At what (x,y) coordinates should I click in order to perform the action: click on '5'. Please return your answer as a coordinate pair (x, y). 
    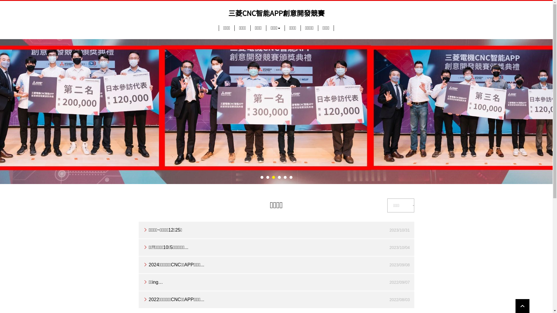
    Looking at the image, I should click on (285, 176).